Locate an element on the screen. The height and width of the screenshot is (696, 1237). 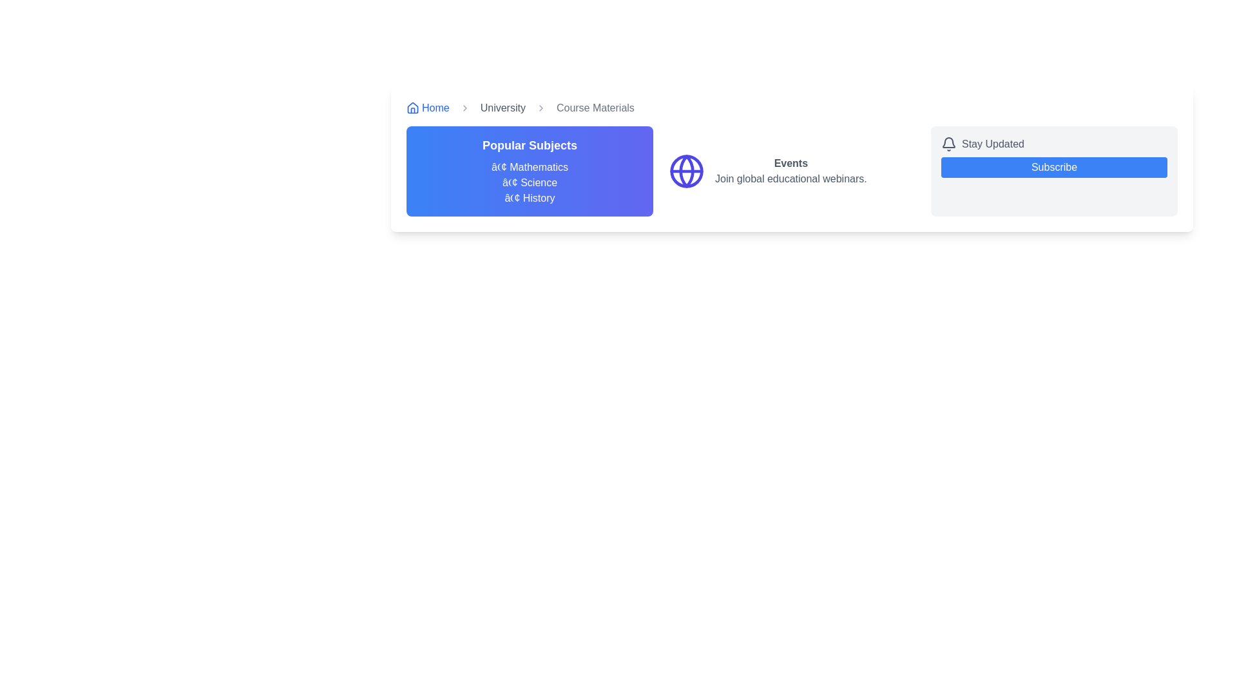
the static text label that indicates the subject category 'Science', which is the second item in a vertical list under 'Popular Subjects' is located at coordinates (530, 183).